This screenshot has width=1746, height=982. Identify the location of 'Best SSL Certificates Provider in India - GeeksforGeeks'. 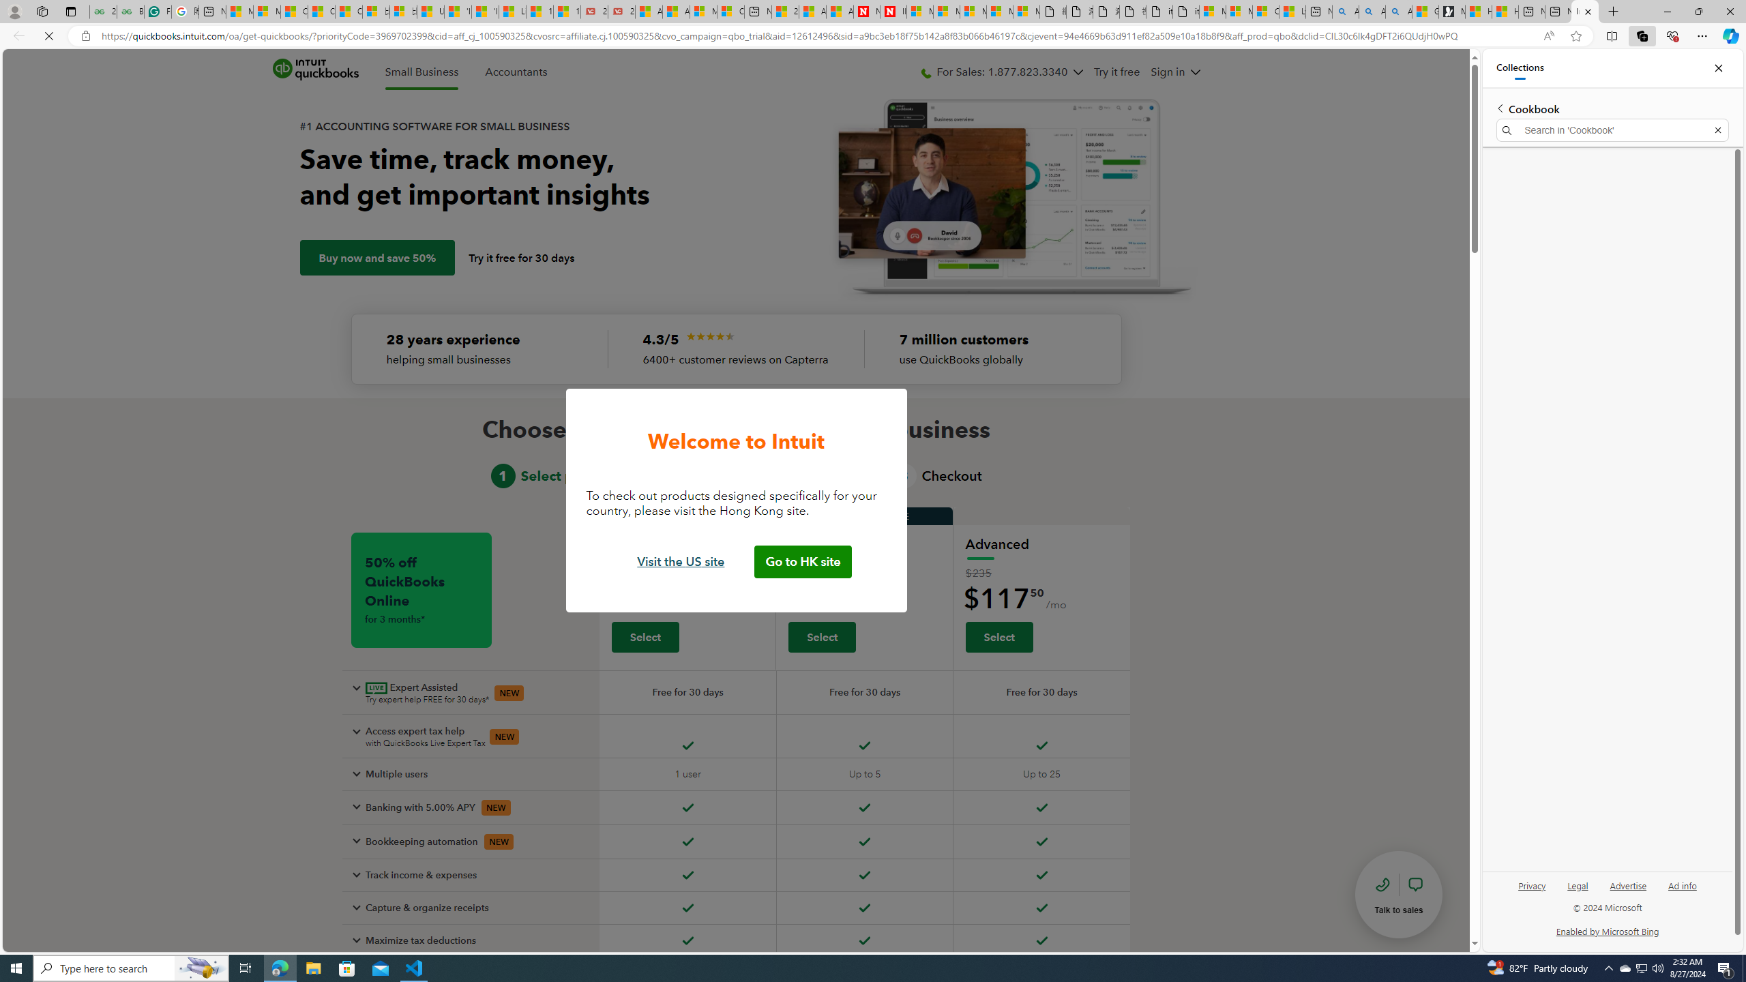
(130, 11).